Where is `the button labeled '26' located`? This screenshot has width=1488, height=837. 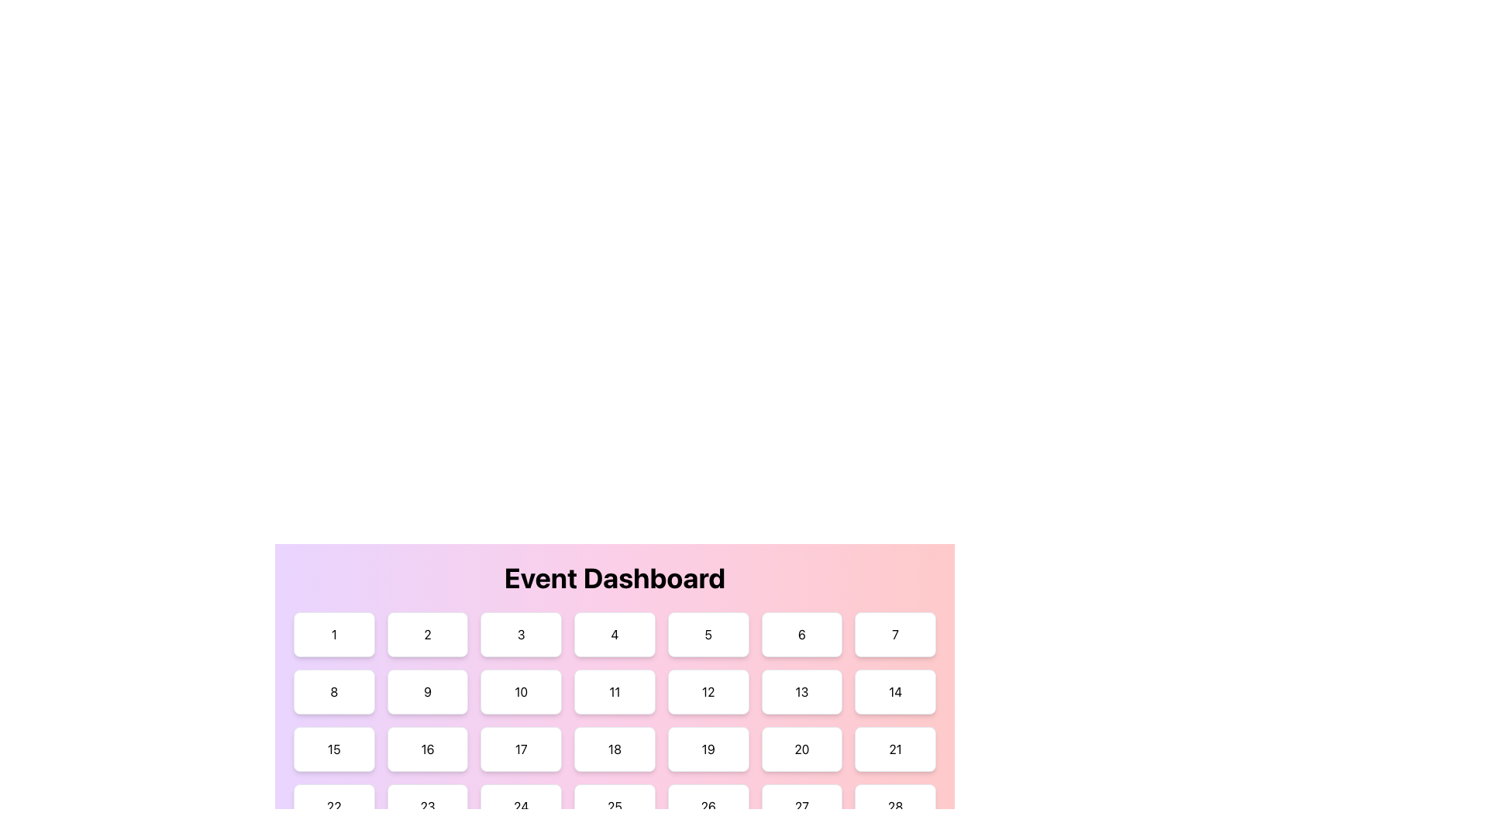
the button labeled '26' located is located at coordinates (708, 806).